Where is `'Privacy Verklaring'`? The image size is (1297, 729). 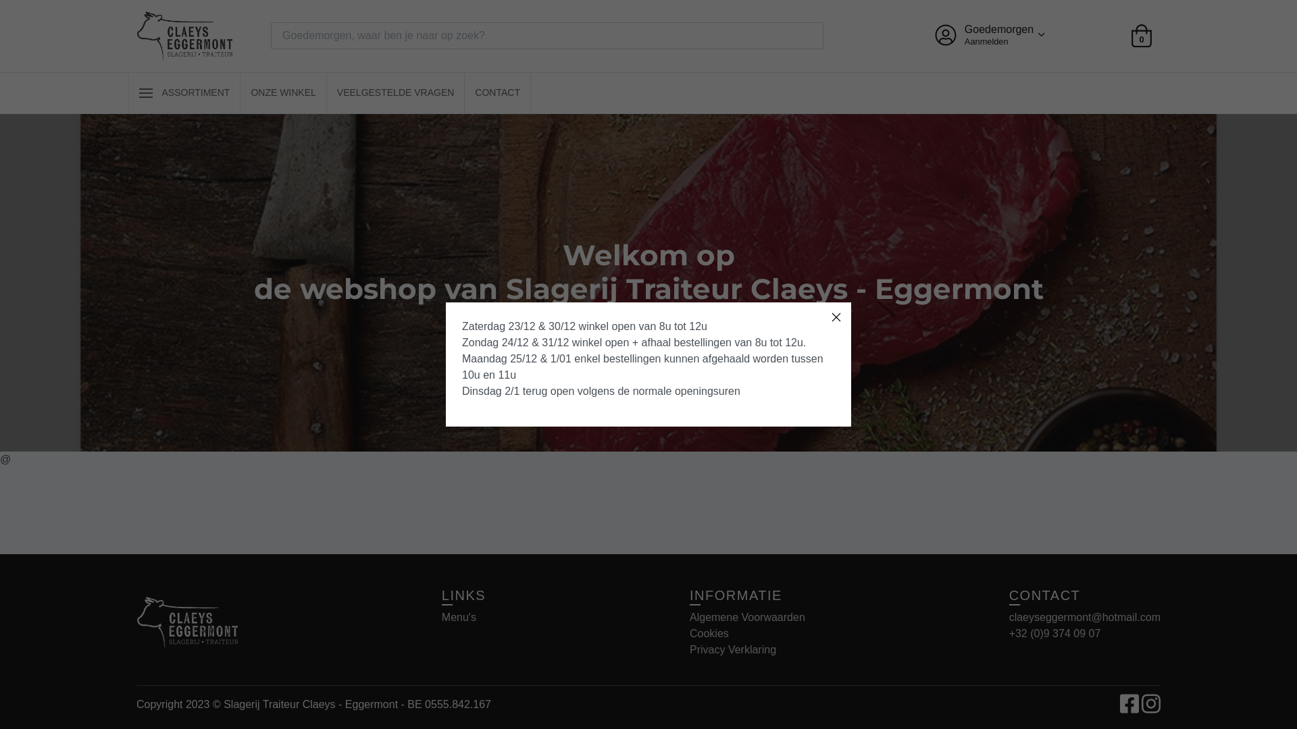
'Privacy Verklaring' is located at coordinates (732, 649).